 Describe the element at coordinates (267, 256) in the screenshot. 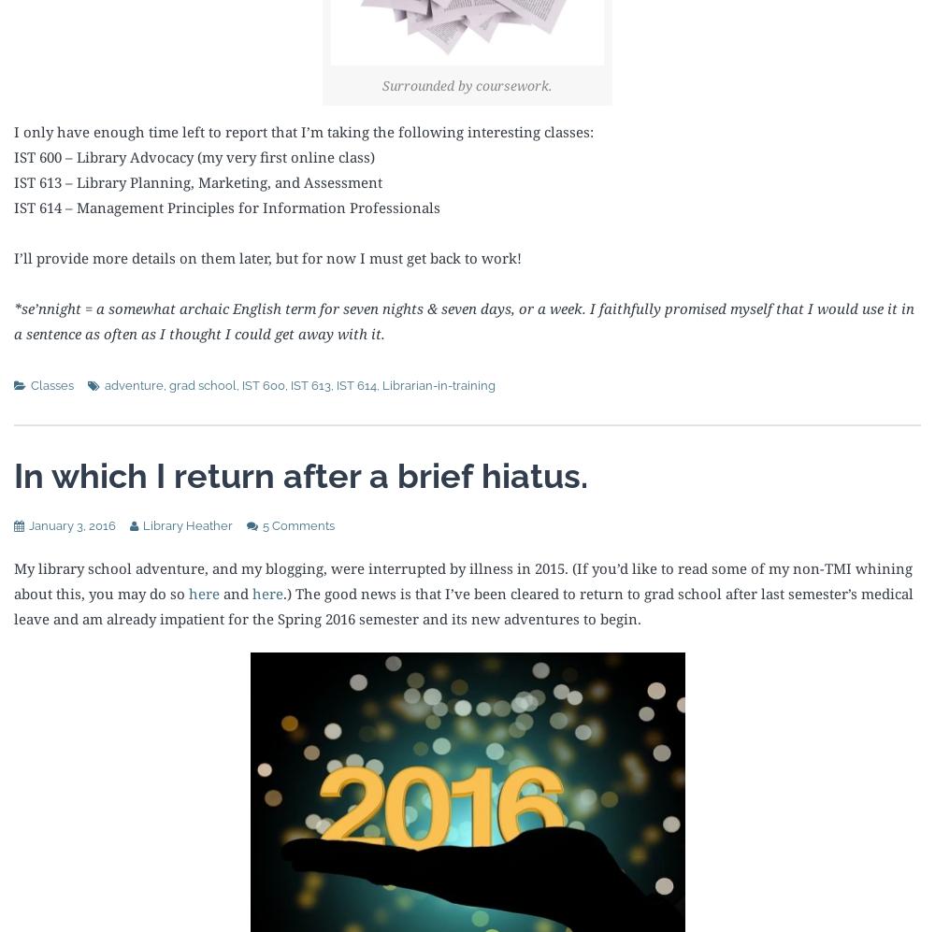

I see `'I’ll provide more details on them later, but for now I must get back to work!'` at that location.